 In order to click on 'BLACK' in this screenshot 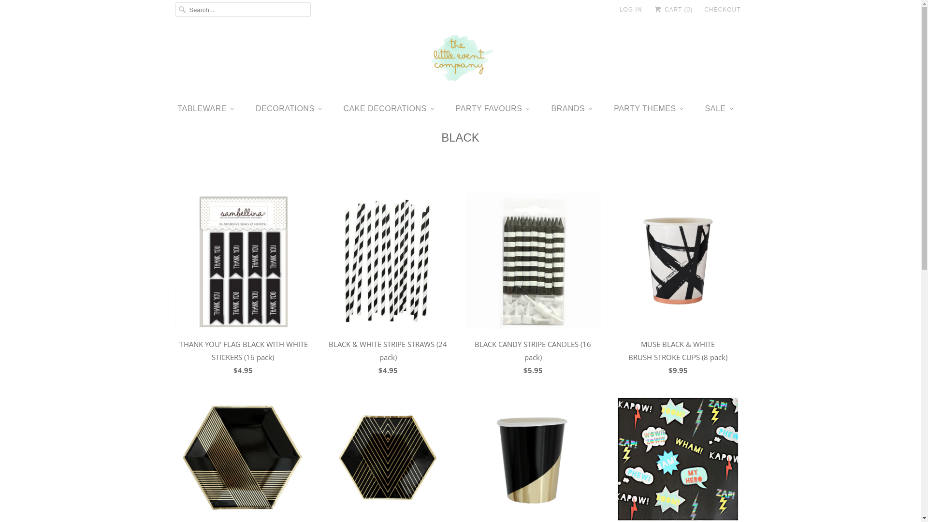, I will do `click(460, 137)`.